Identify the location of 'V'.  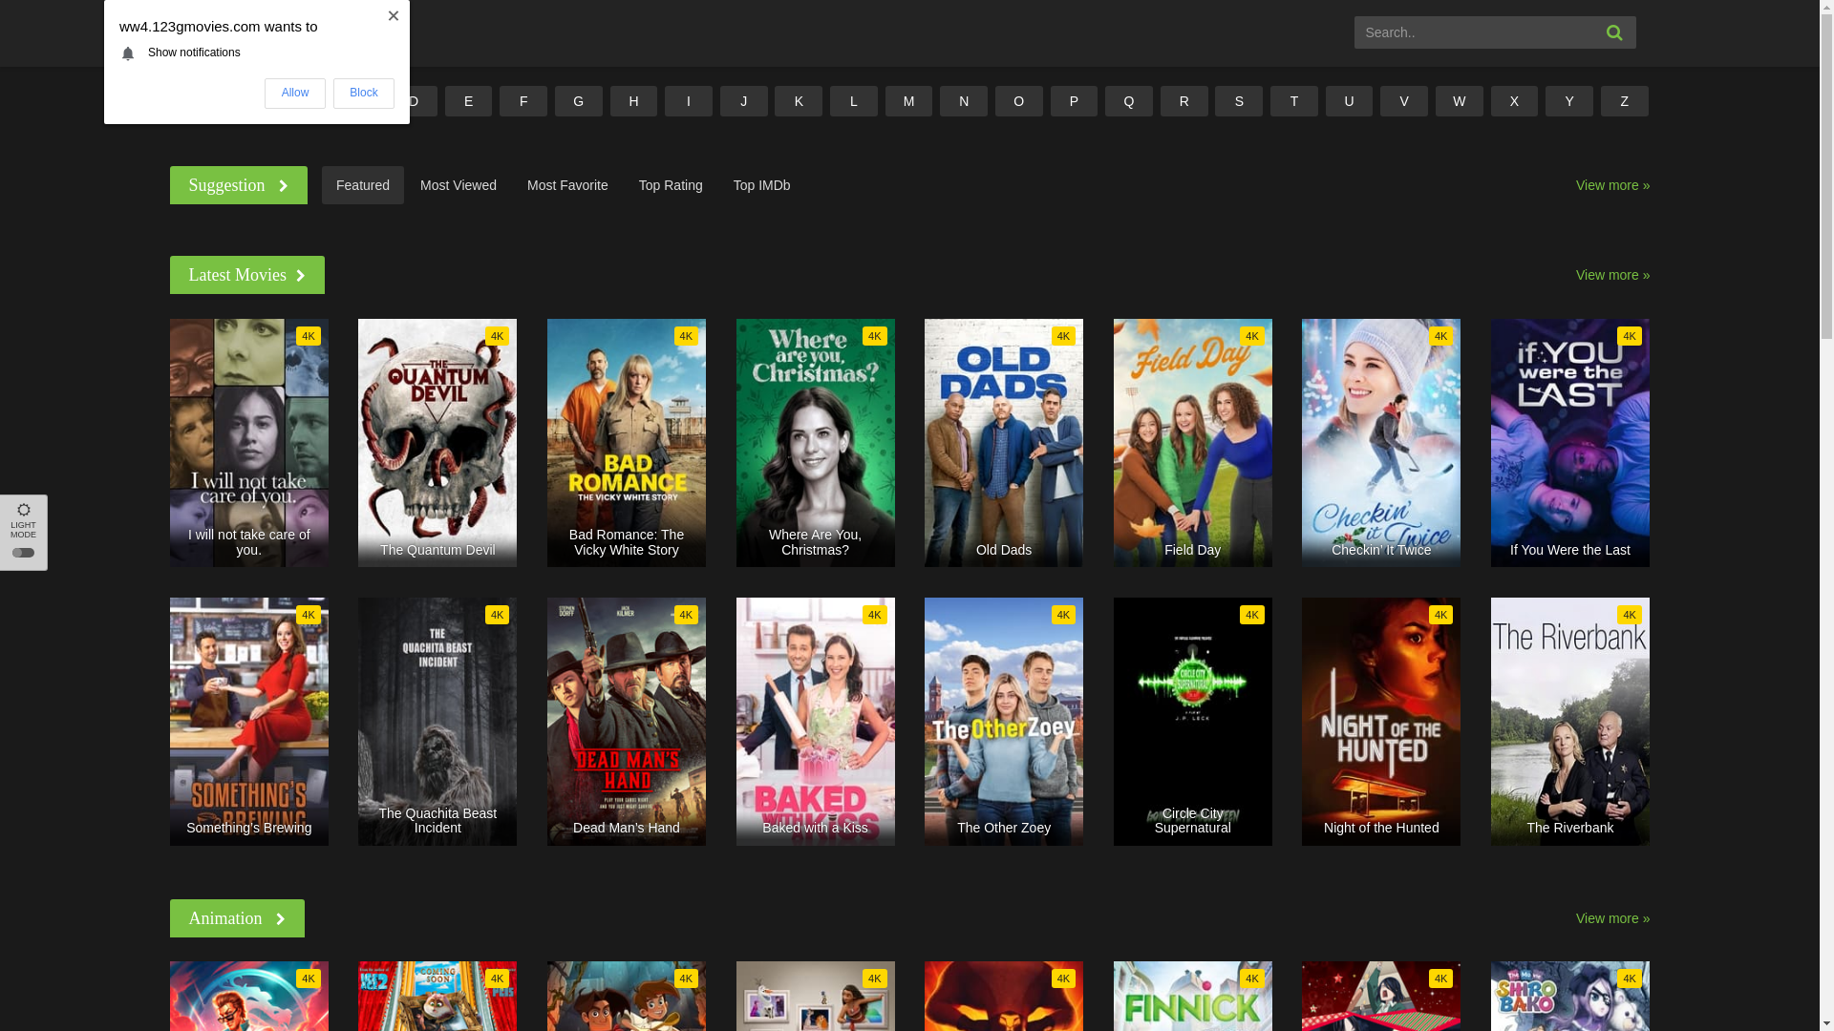
(1403, 100).